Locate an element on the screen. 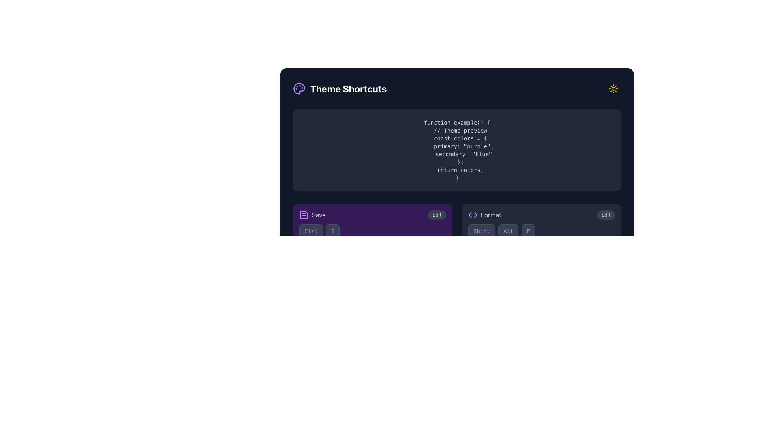 The height and width of the screenshot is (426, 758). the sun icon button located is located at coordinates (613, 88).